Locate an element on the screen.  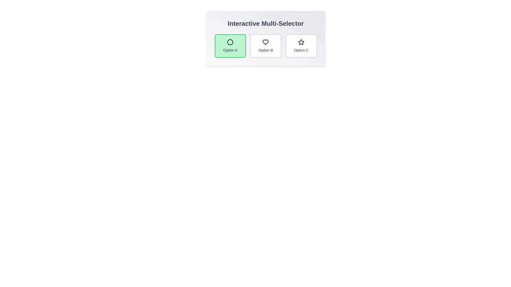
the header text 'Interactive Multi-Selector' to interact with it is located at coordinates (266, 23).